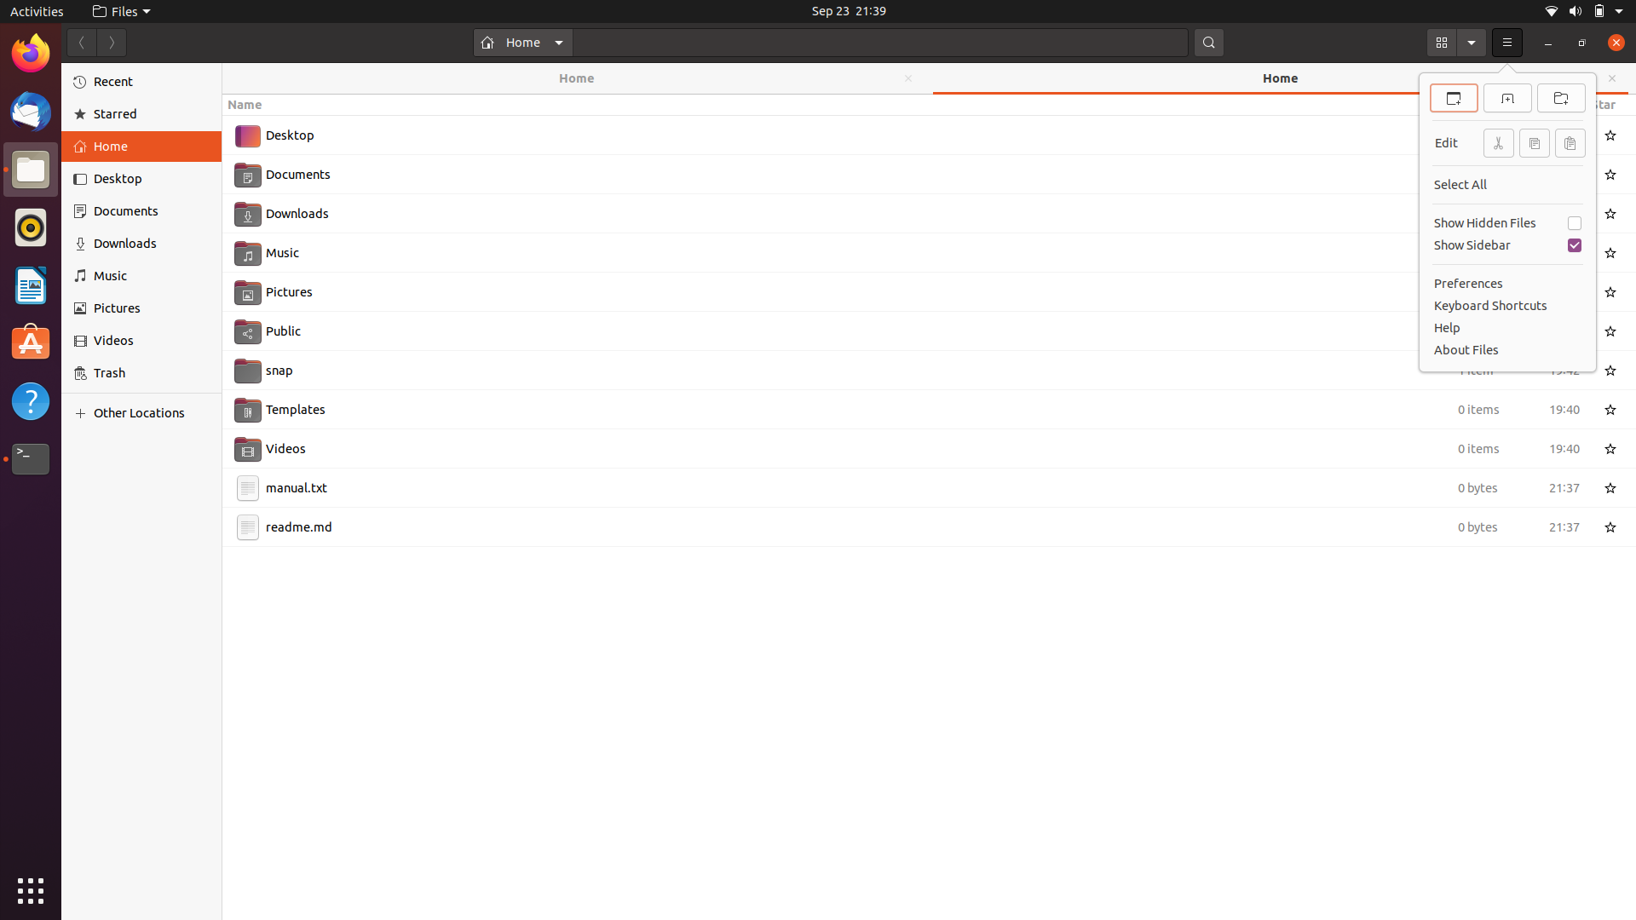  I want to click on From the menu, use keyboard keys to scroll down and select "New File", so click(1507, 42).